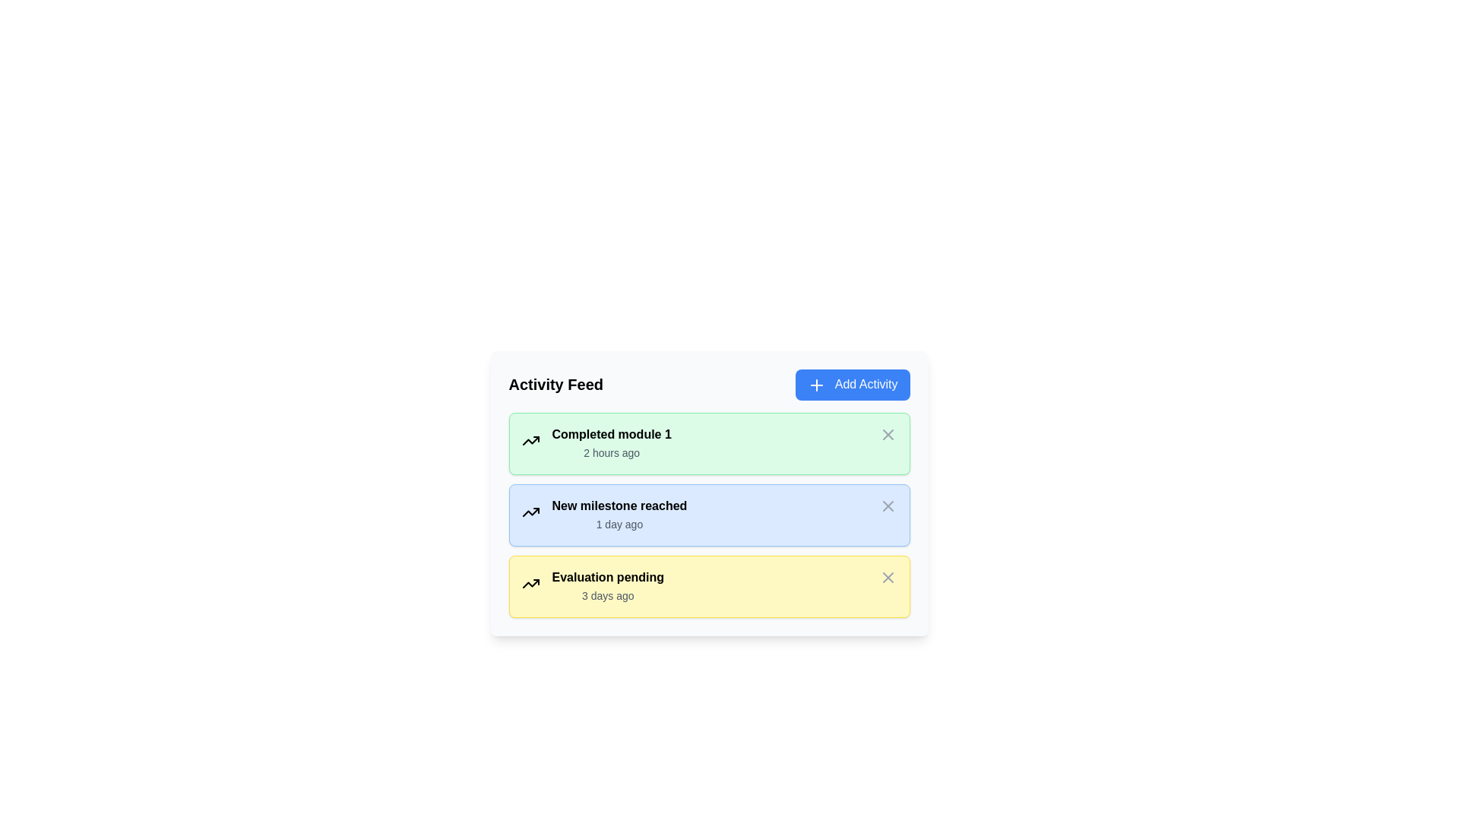 This screenshot has width=1459, height=821. Describe the element at coordinates (612, 434) in the screenshot. I see `bold text label that says 'Completed module 1' located in the top card of the activity feed` at that location.